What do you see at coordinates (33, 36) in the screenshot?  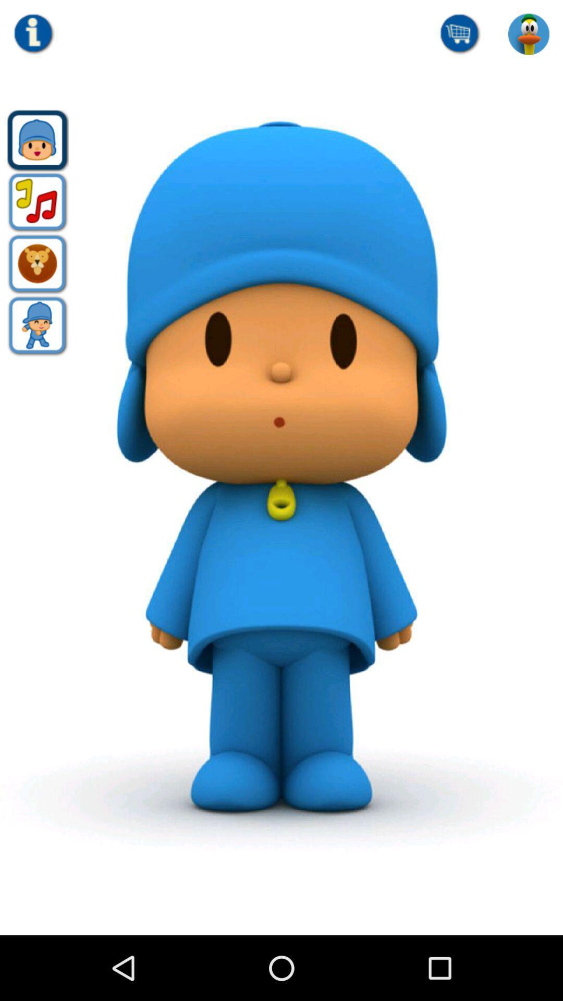 I see `the info icon` at bounding box center [33, 36].